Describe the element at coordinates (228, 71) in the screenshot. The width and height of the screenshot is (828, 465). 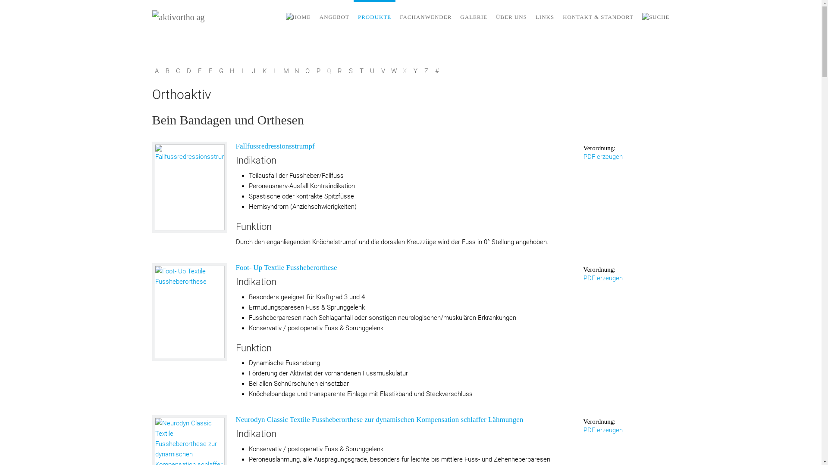
I see `'H'` at that location.